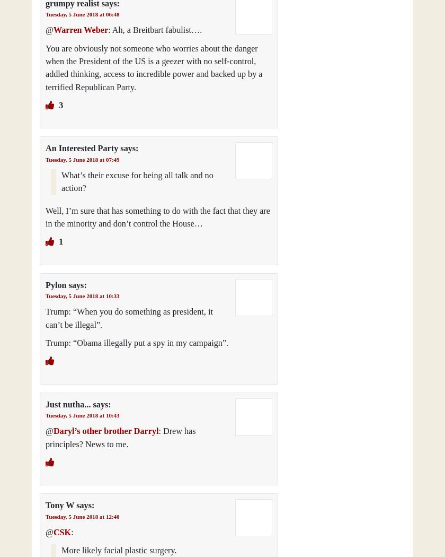  Describe the element at coordinates (60, 242) in the screenshot. I see `'1'` at that location.